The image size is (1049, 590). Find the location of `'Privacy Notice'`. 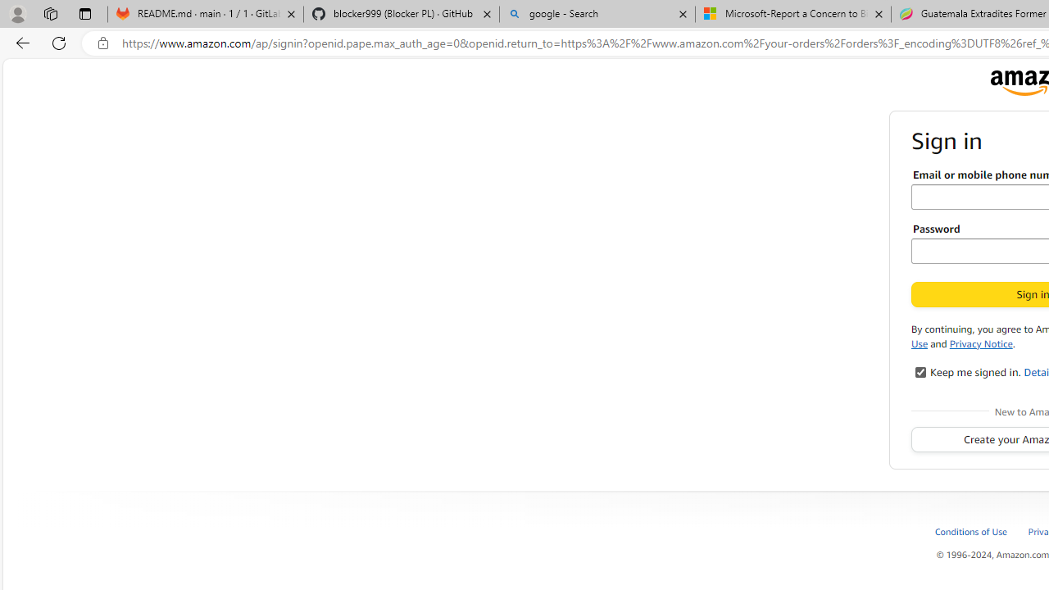

'Privacy Notice' is located at coordinates (981, 343).